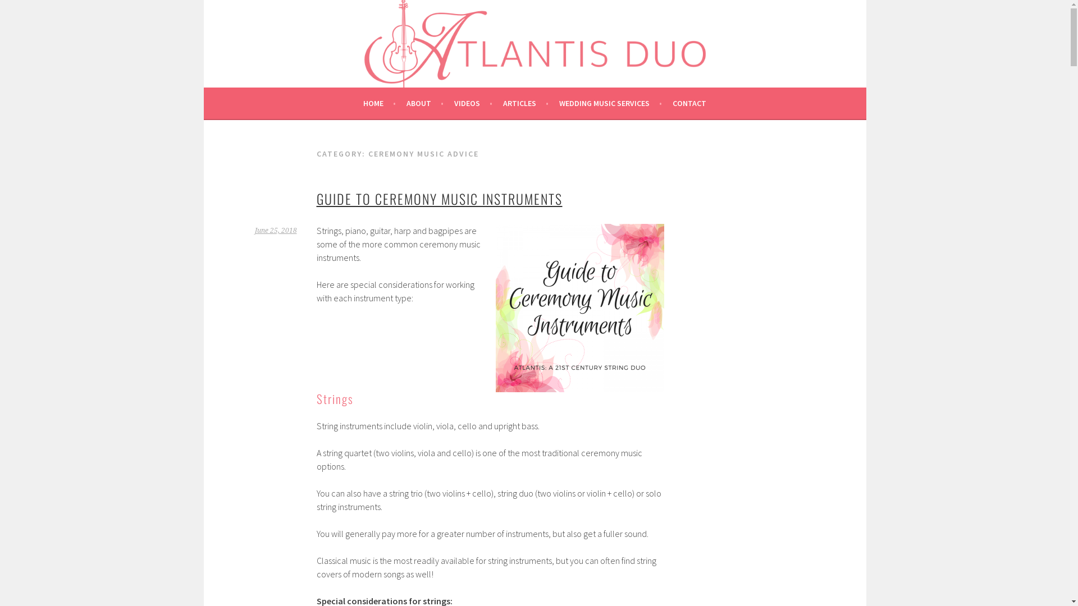 This screenshot has width=1078, height=606. What do you see at coordinates (276, 230) in the screenshot?
I see `'June 25, 2018'` at bounding box center [276, 230].